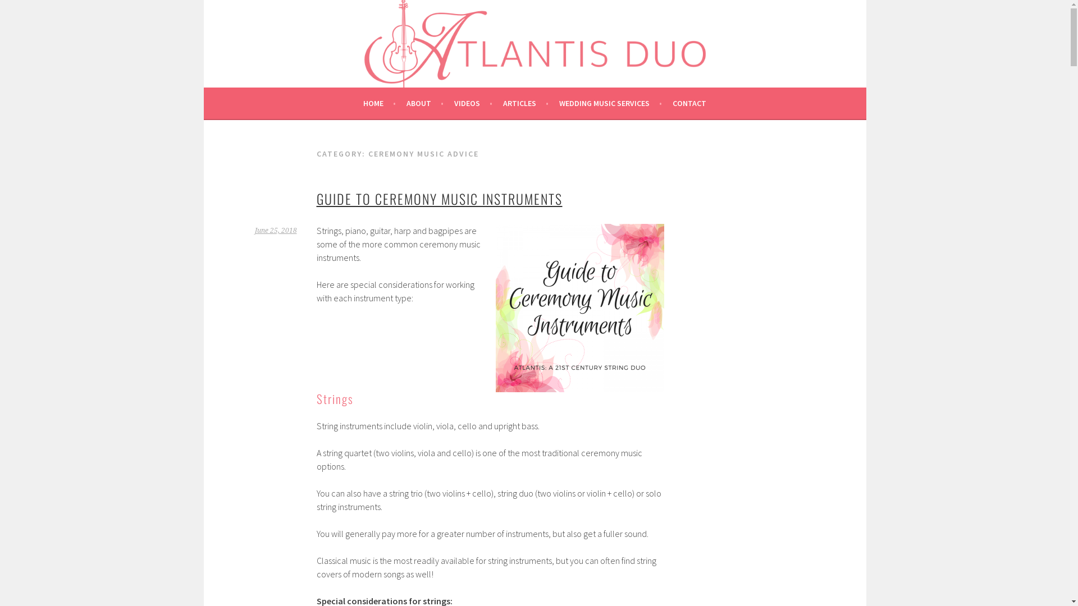 This screenshot has width=1078, height=606. What do you see at coordinates (276, 230) in the screenshot?
I see `'June 25, 2018'` at bounding box center [276, 230].